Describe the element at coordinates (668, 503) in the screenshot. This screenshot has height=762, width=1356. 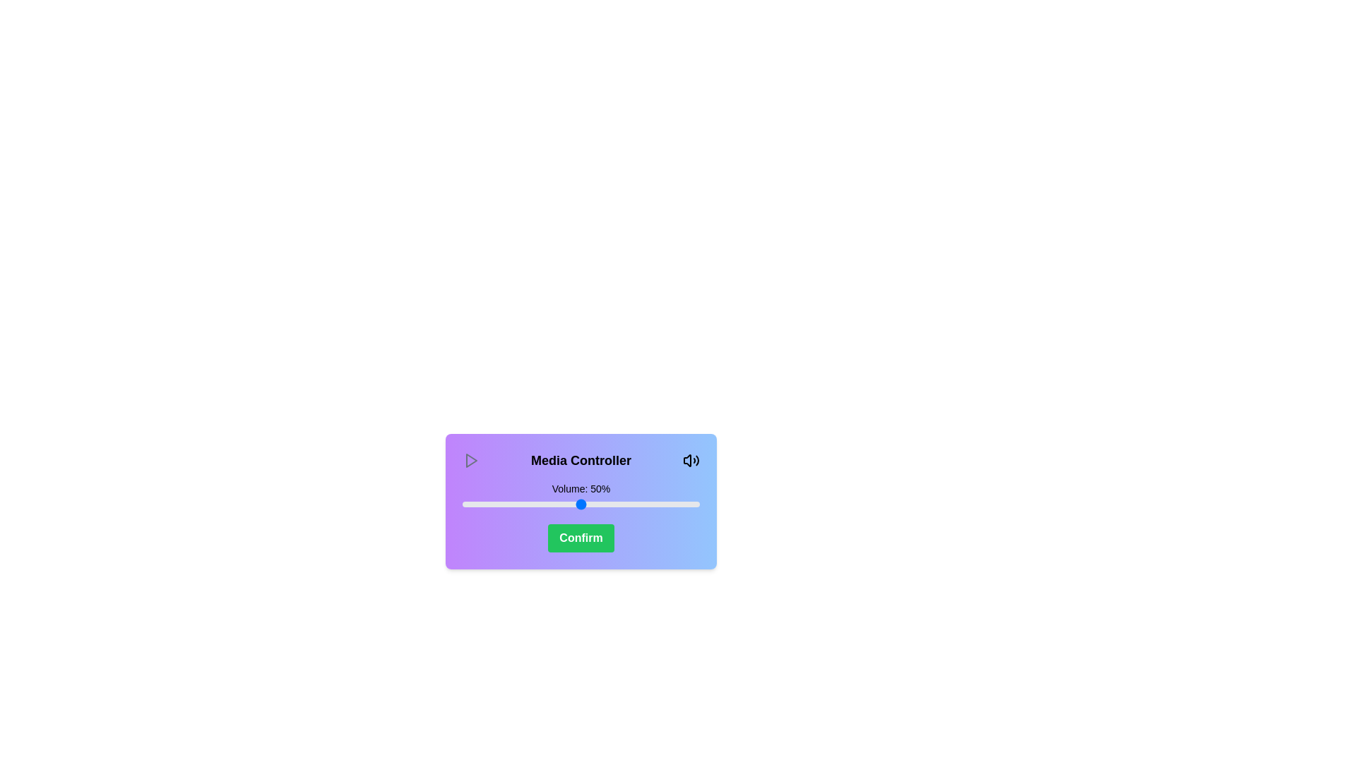
I see `the volume slider to 87%` at that location.